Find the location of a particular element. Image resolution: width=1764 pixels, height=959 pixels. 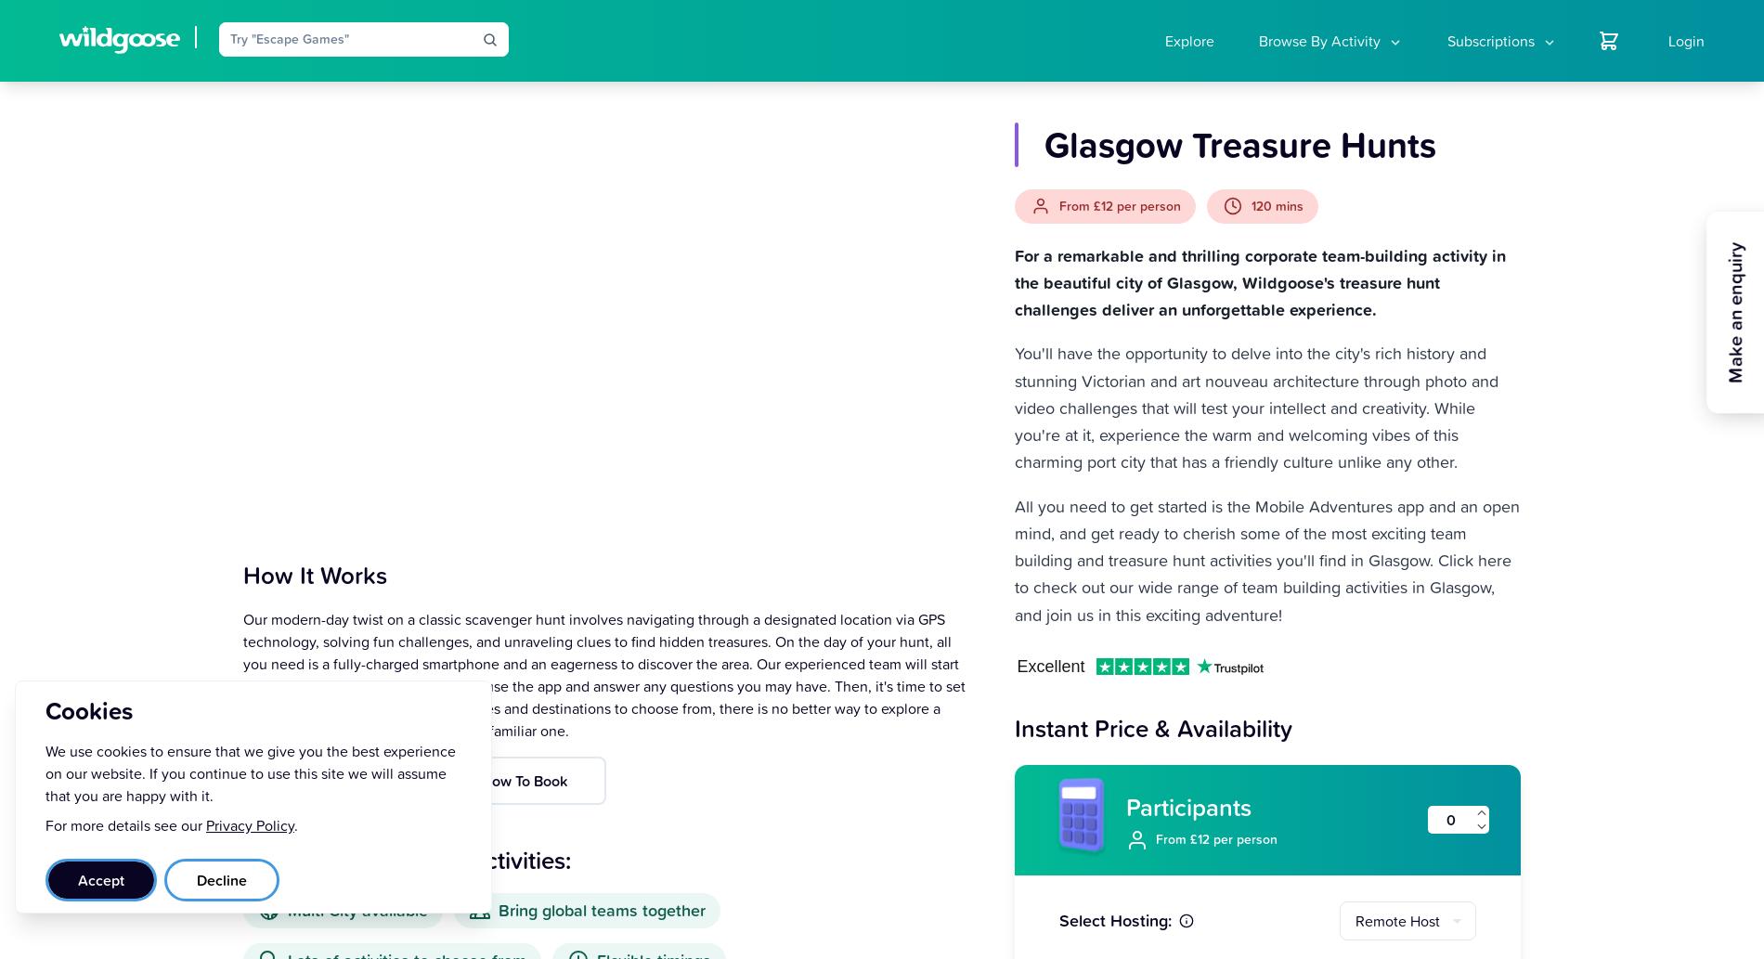

'Create a new booking' is located at coordinates (1568, 138).